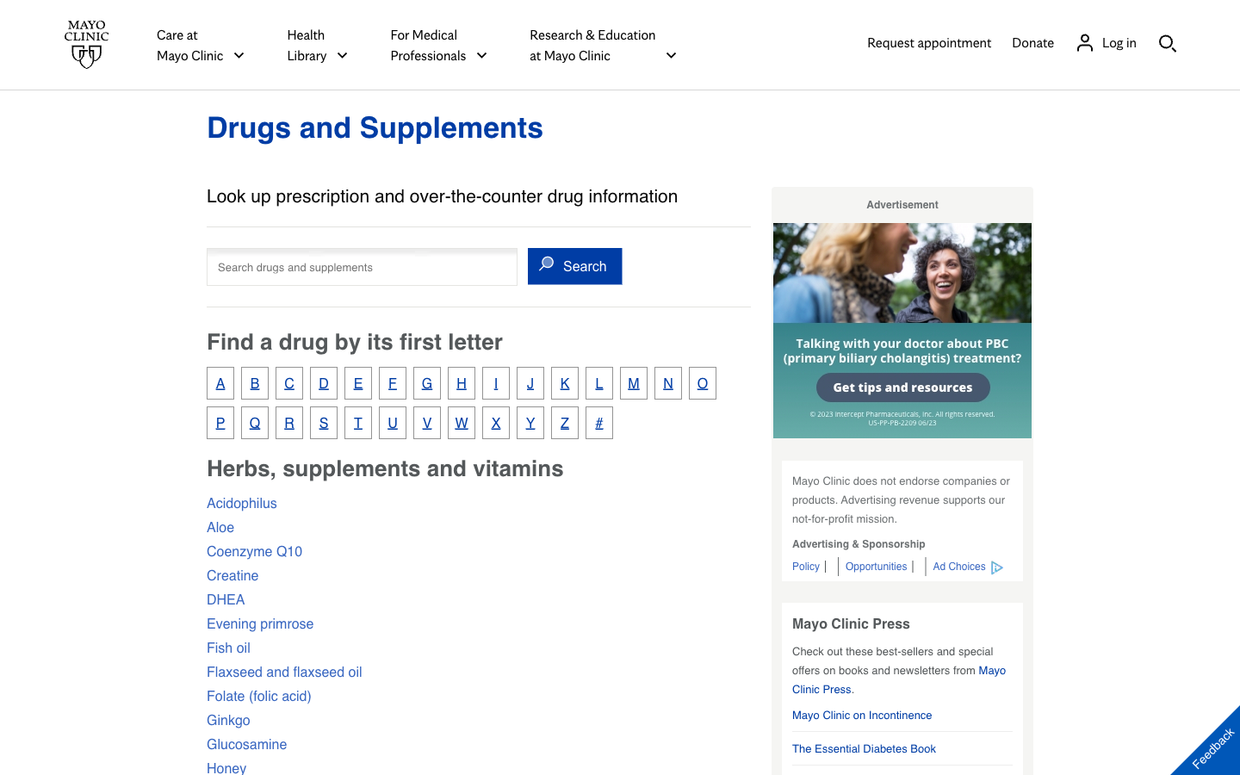  I want to click on As a medical professional, please get the first option available from the mayoclinic tab meant for you, so click(438, 44).